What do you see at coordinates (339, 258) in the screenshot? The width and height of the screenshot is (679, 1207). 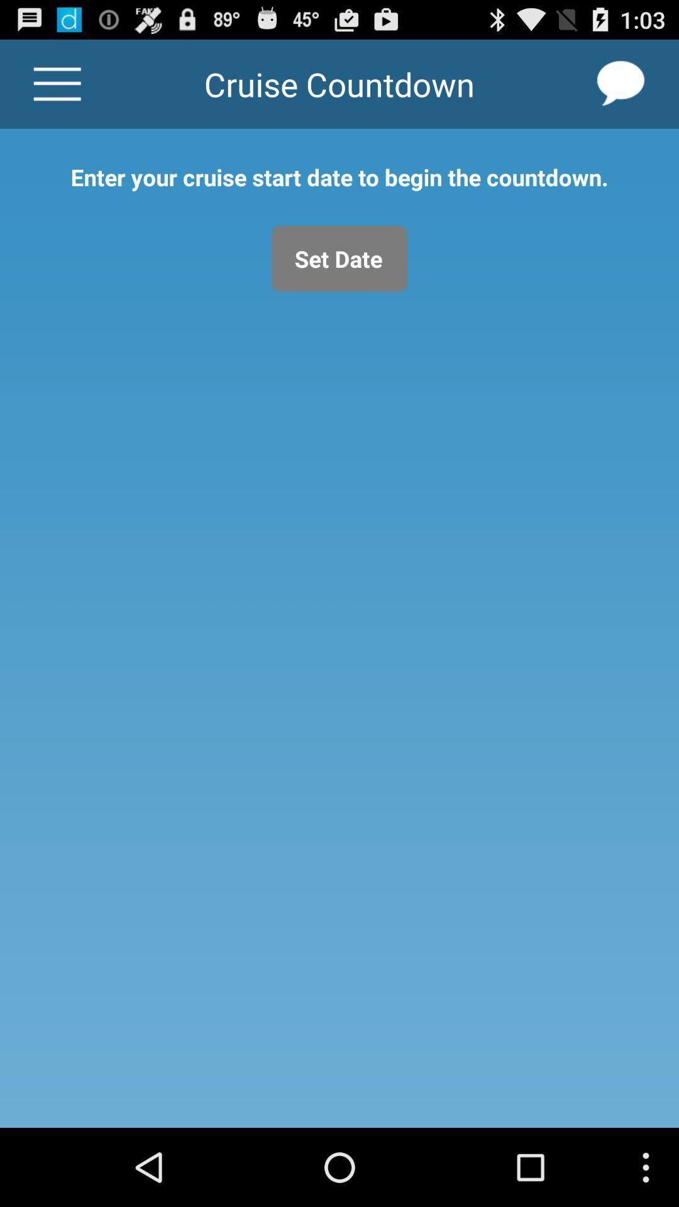 I see `the set date` at bounding box center [339, 258].